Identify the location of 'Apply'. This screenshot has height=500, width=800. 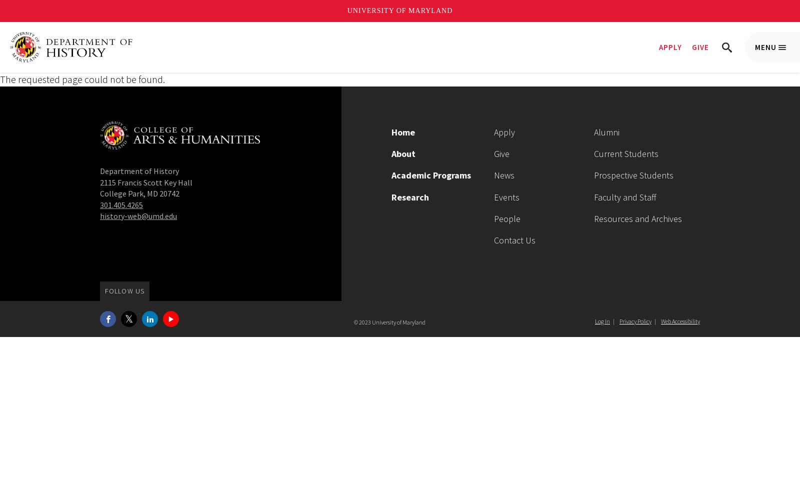
(504, 132).